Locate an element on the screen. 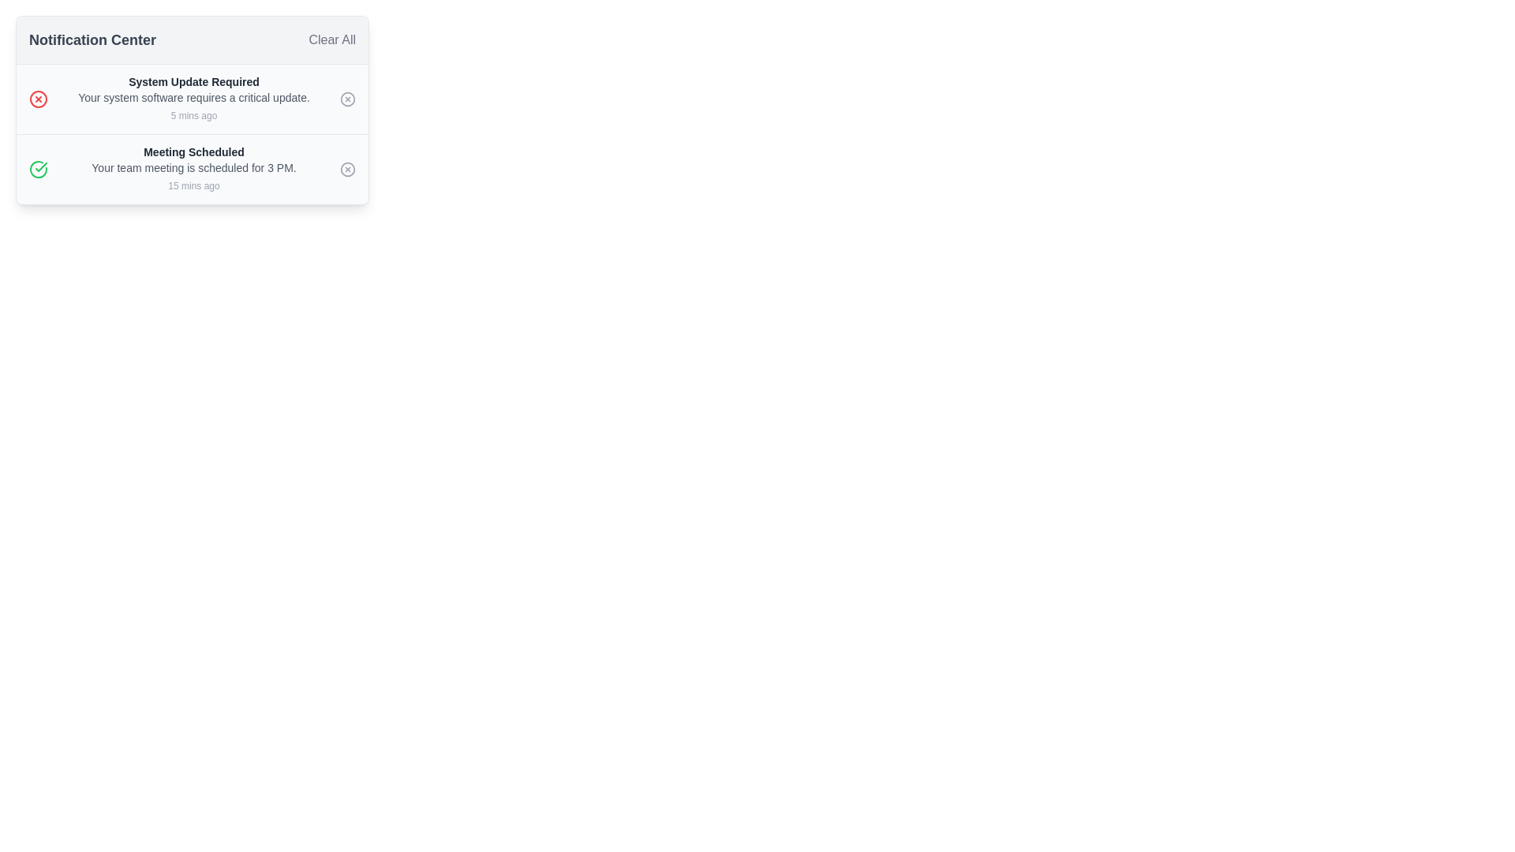 The image size is (1515, 852). the Text Label that serves as the title of the notification in the Notification Center interface, which is positioned above the description text and the timestamp is located at coordinates (193, 82).